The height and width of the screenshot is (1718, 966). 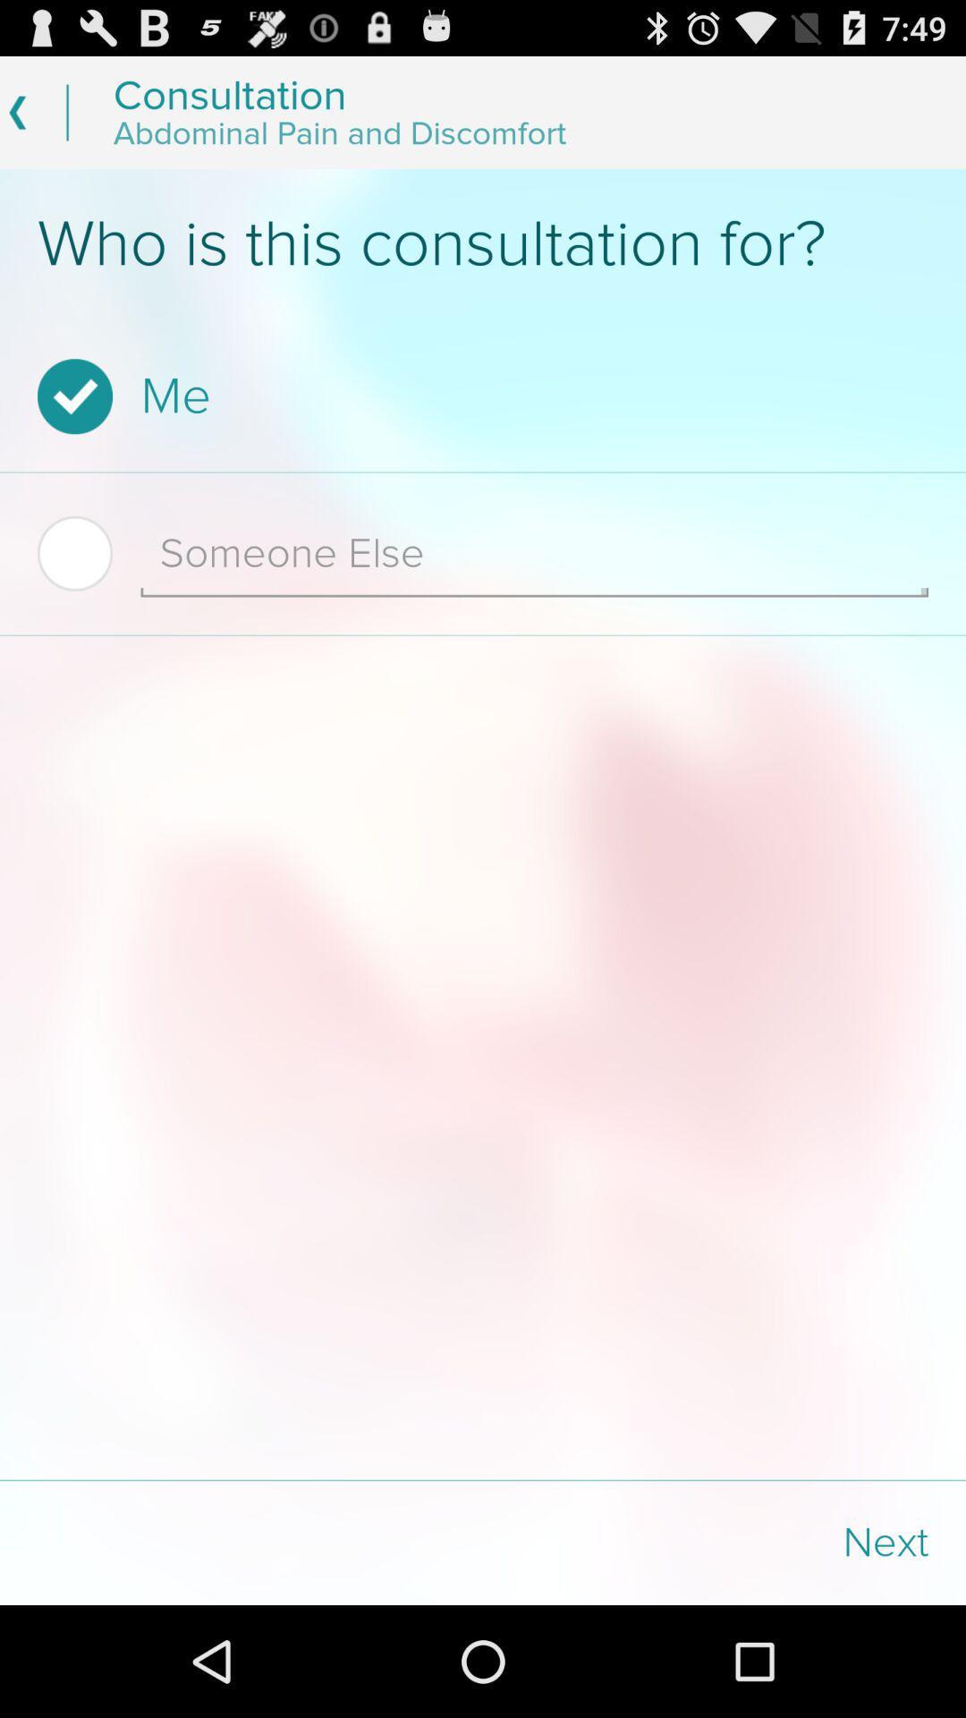 What do you see at coordinates (724, 1542) in the screenshot?
I see `the next icon` at bounding box center [724, 1542].